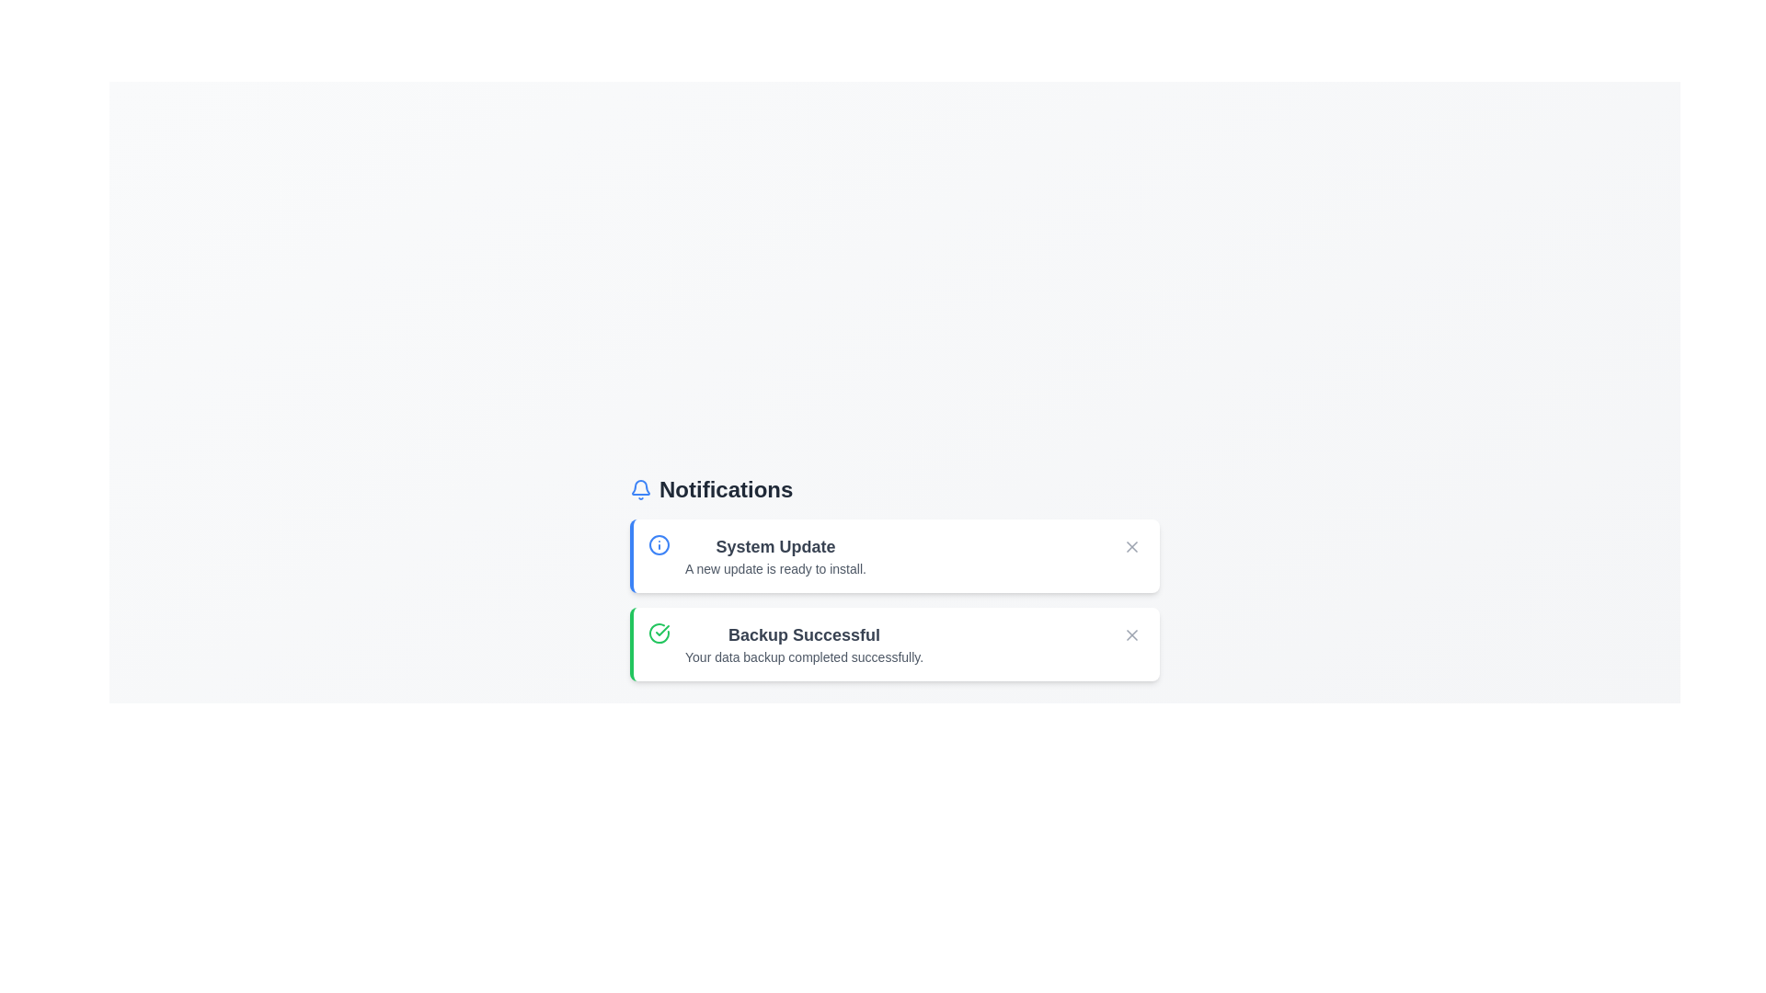 This screenshot has width=1766, height=993. I want to click on the close button located at the top-right corner of the 'Backup Successful' notification card to change its color to red, so click(1130, 633).